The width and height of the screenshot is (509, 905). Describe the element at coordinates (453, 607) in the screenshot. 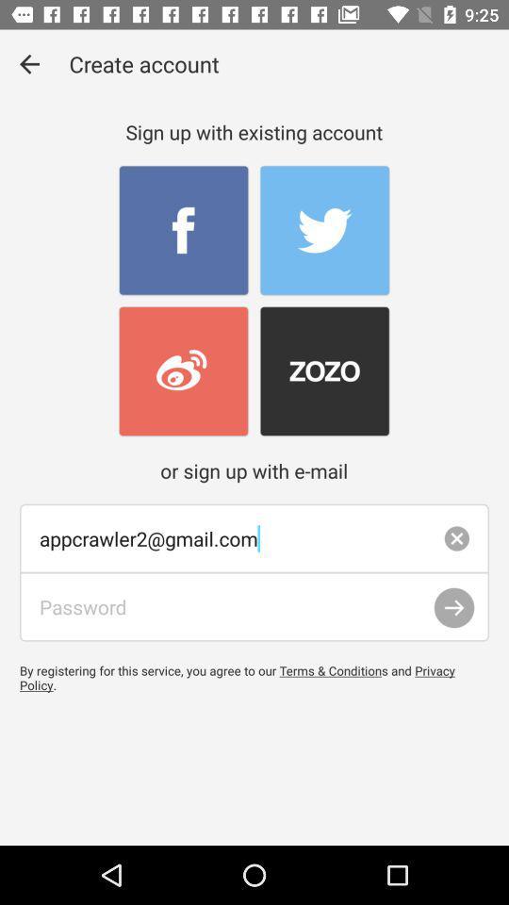

I see `icon at the bottom right corner` at that location.